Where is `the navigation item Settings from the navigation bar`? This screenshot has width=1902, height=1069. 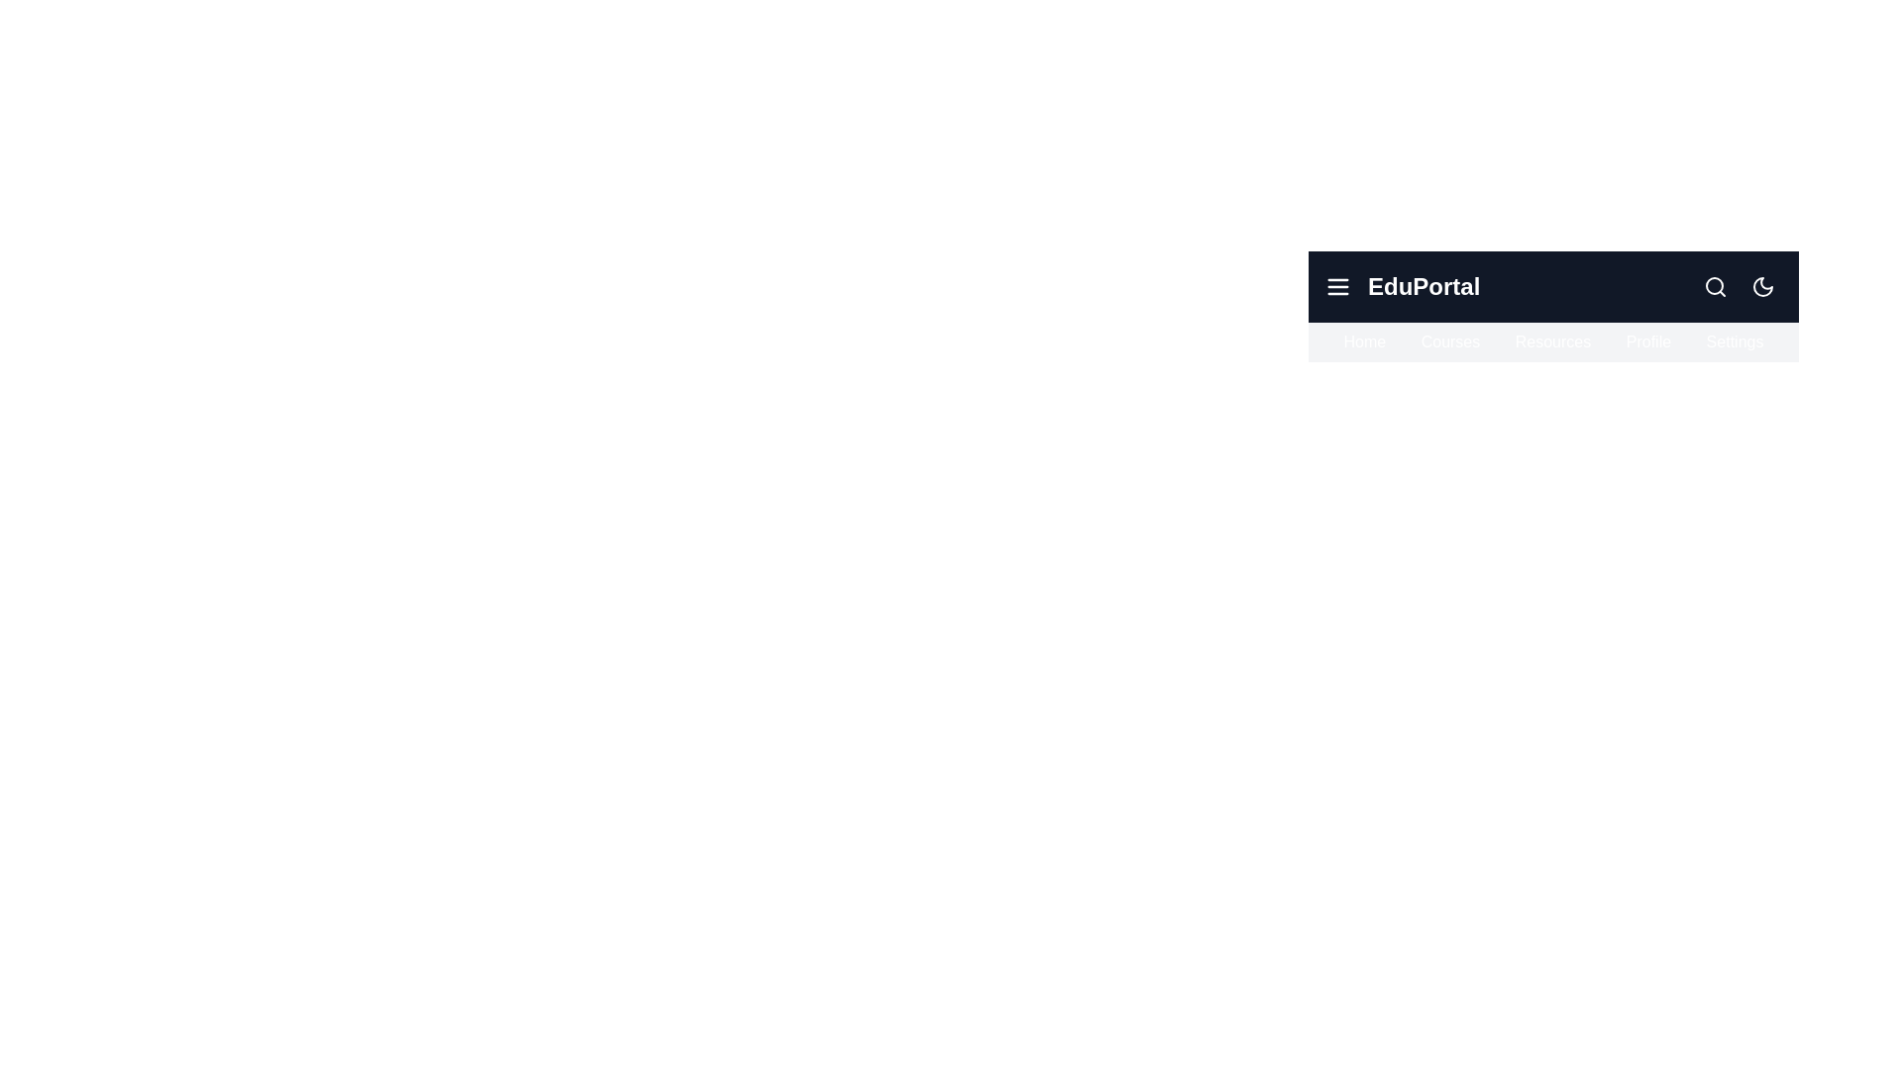
the navigation item Settings from the navigation bar is located at coordinates (1734, 341).